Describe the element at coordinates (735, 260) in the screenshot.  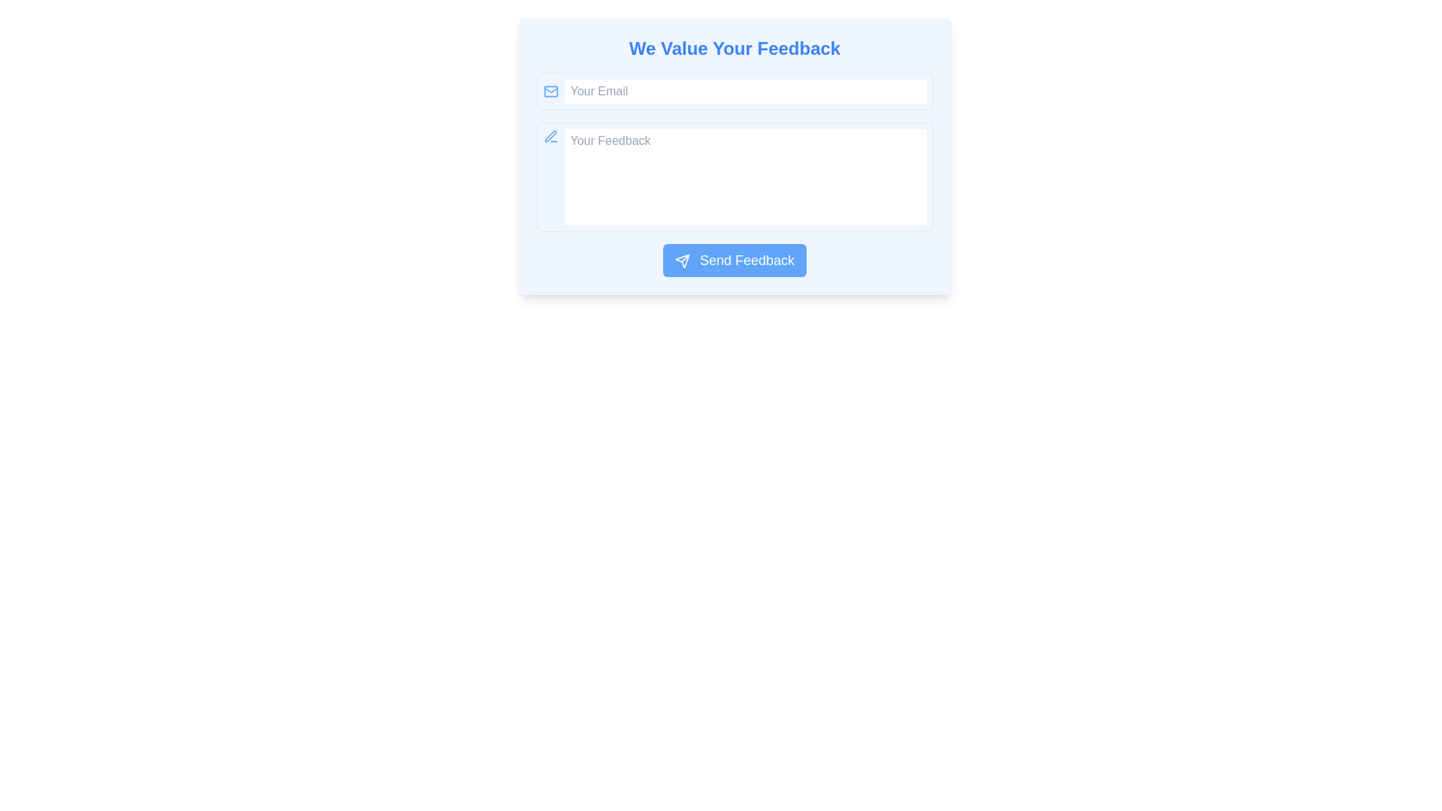
I see `the blue rectangular button labeled 'Send Feedback' with a paper plane icon` at that location.